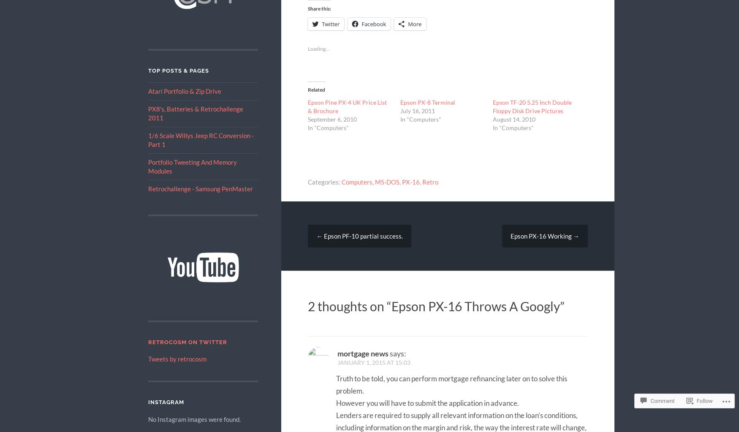 The width and height of the screenshot is (739, 432). What do you see at coordinates (398, 352) in the screenshot?
I see `'says:'` at bounding box center [398, 352].